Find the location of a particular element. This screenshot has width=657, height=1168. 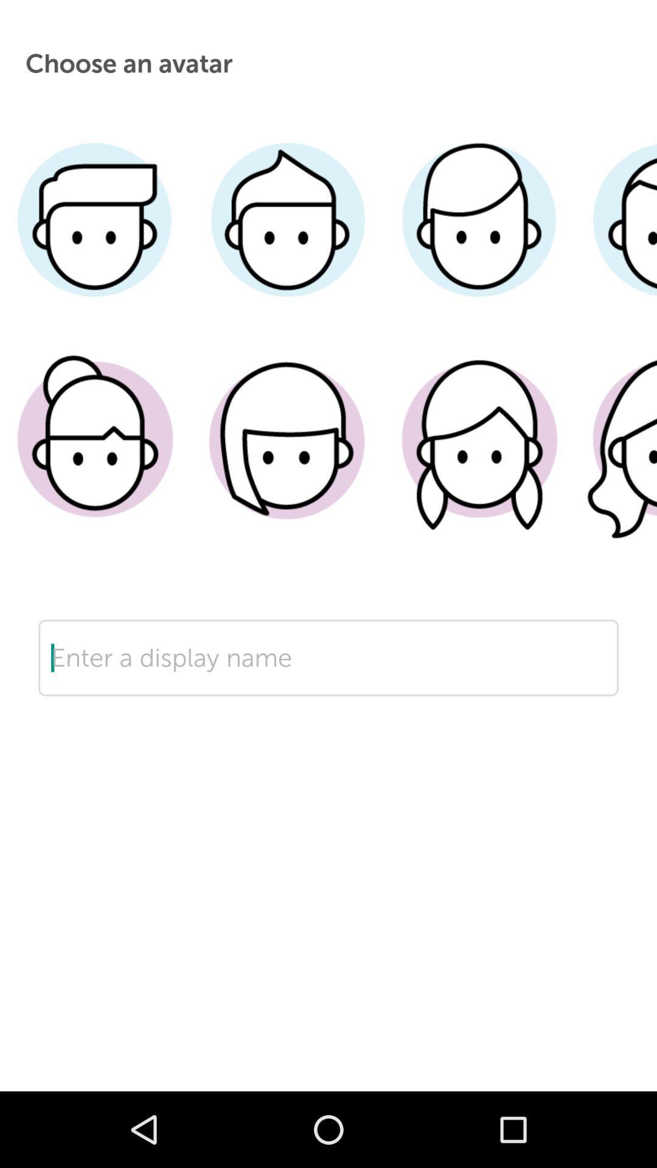

choose this avatar is located at coordinates (95, 457).